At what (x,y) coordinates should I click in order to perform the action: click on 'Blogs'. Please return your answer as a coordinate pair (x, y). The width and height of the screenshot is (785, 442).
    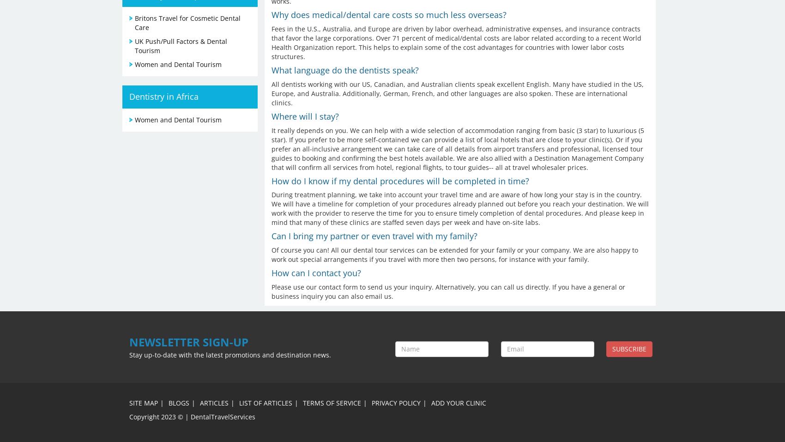
    Looking at the image, I should click on (178, 402).